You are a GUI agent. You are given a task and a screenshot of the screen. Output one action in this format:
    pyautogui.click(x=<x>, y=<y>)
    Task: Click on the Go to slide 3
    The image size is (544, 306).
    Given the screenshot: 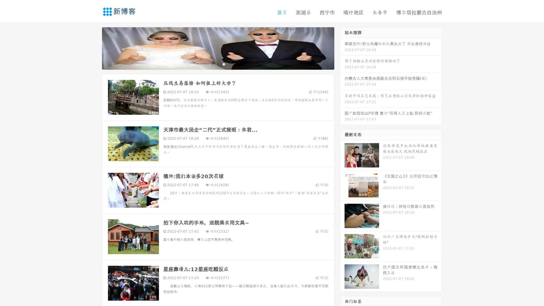 What is the action you would take?
    pyautogui.click(x=224, y=64)
    